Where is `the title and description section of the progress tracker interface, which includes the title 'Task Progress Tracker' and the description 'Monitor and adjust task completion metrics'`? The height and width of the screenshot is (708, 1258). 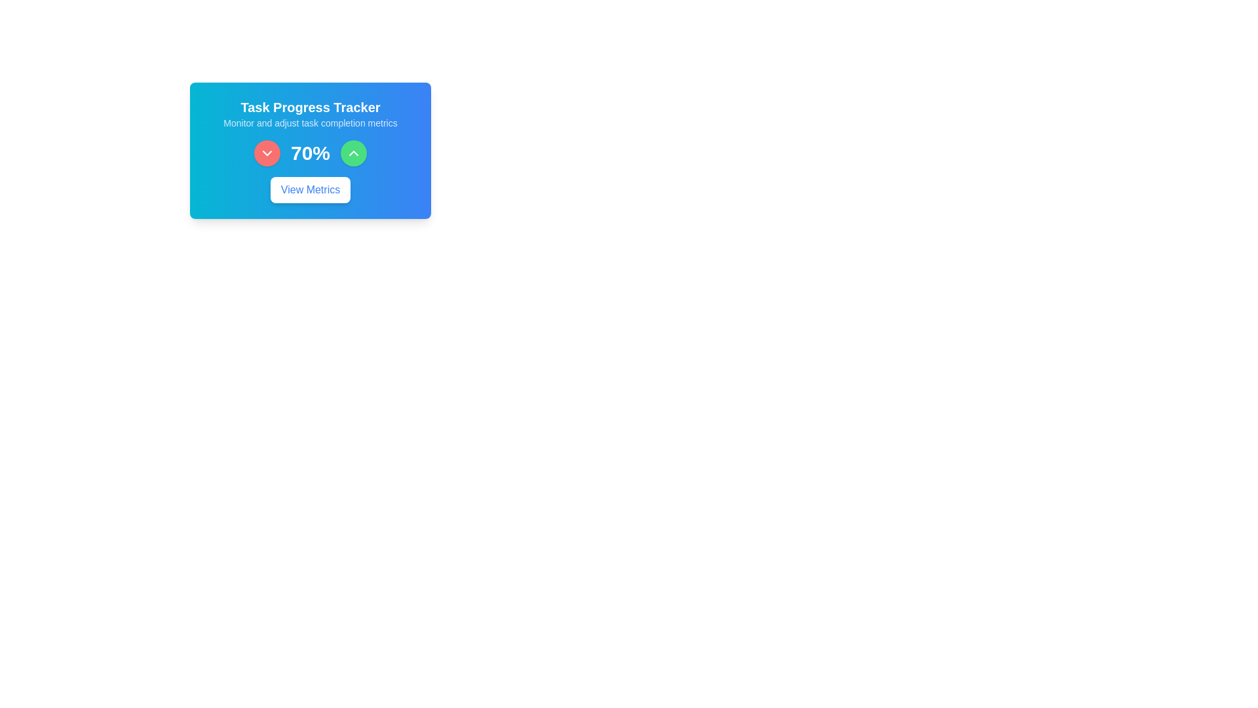 the title and description section of the progress tracker interface, which includes the title 'Task Progress Tracker' and the description 'Monitor and adjust task completion metrics' is located at coordinates (310, 113).